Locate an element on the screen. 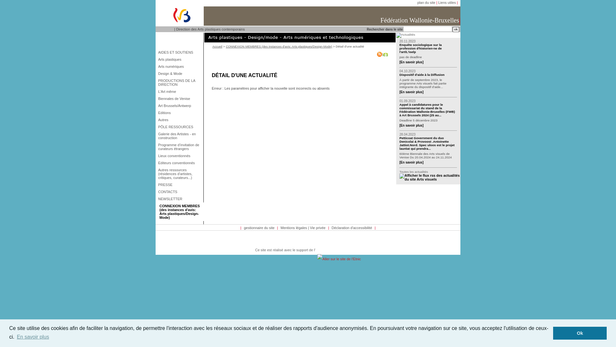 This screenshot has width=616, height=347. 'En savoir plus' is located at coordinates (15, 337).